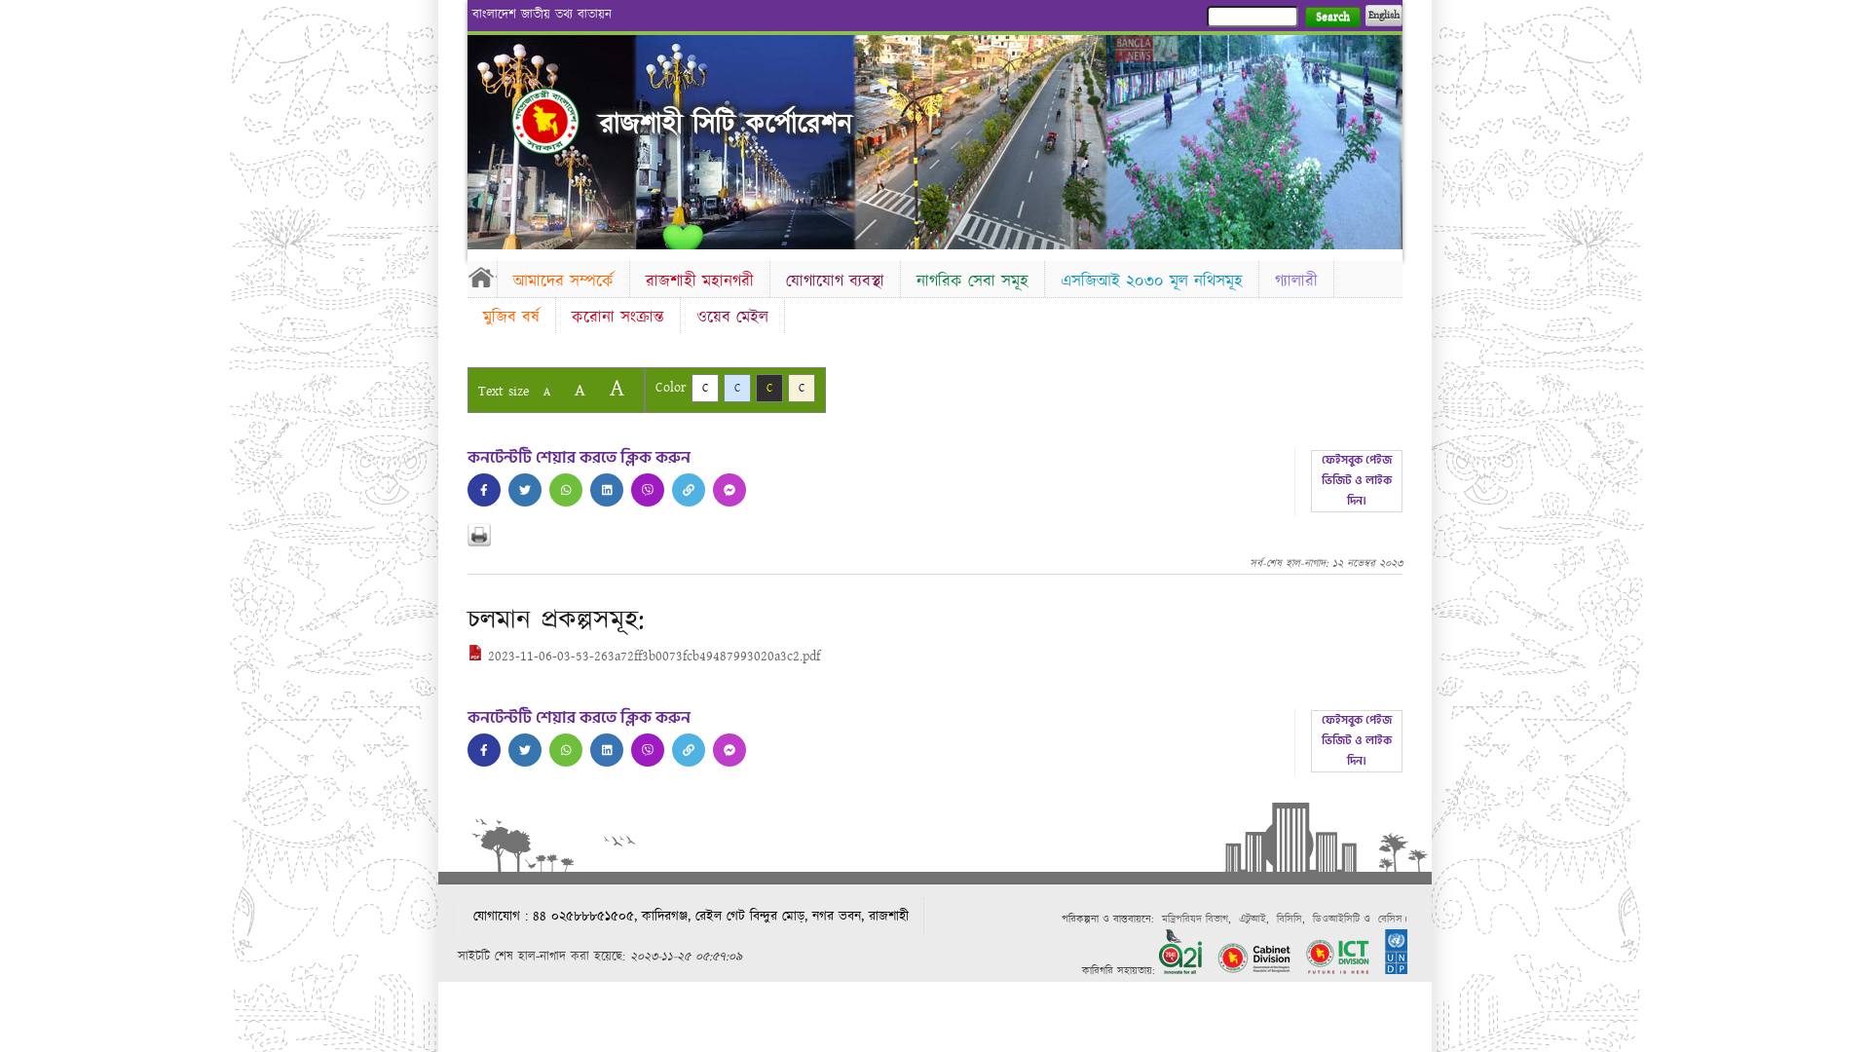 Image resolution: width=1870 pixels, height=1052 pixels. Describe the element at coordinates (1382, 15) in the screenshot. I see `'English'` at that location.